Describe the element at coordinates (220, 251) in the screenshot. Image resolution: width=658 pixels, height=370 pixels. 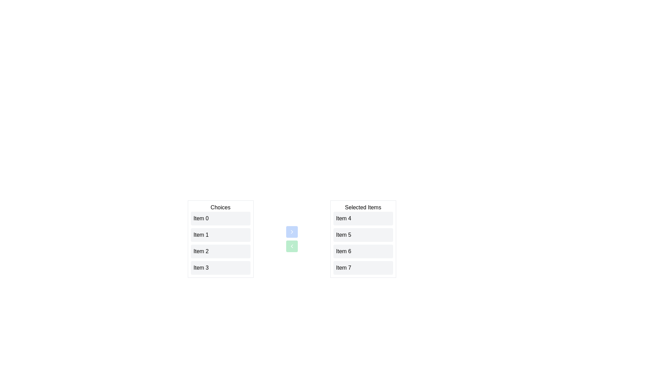
I see `the list item labeled 'Item 2' in the third position of the 'Choices' list` at that location.